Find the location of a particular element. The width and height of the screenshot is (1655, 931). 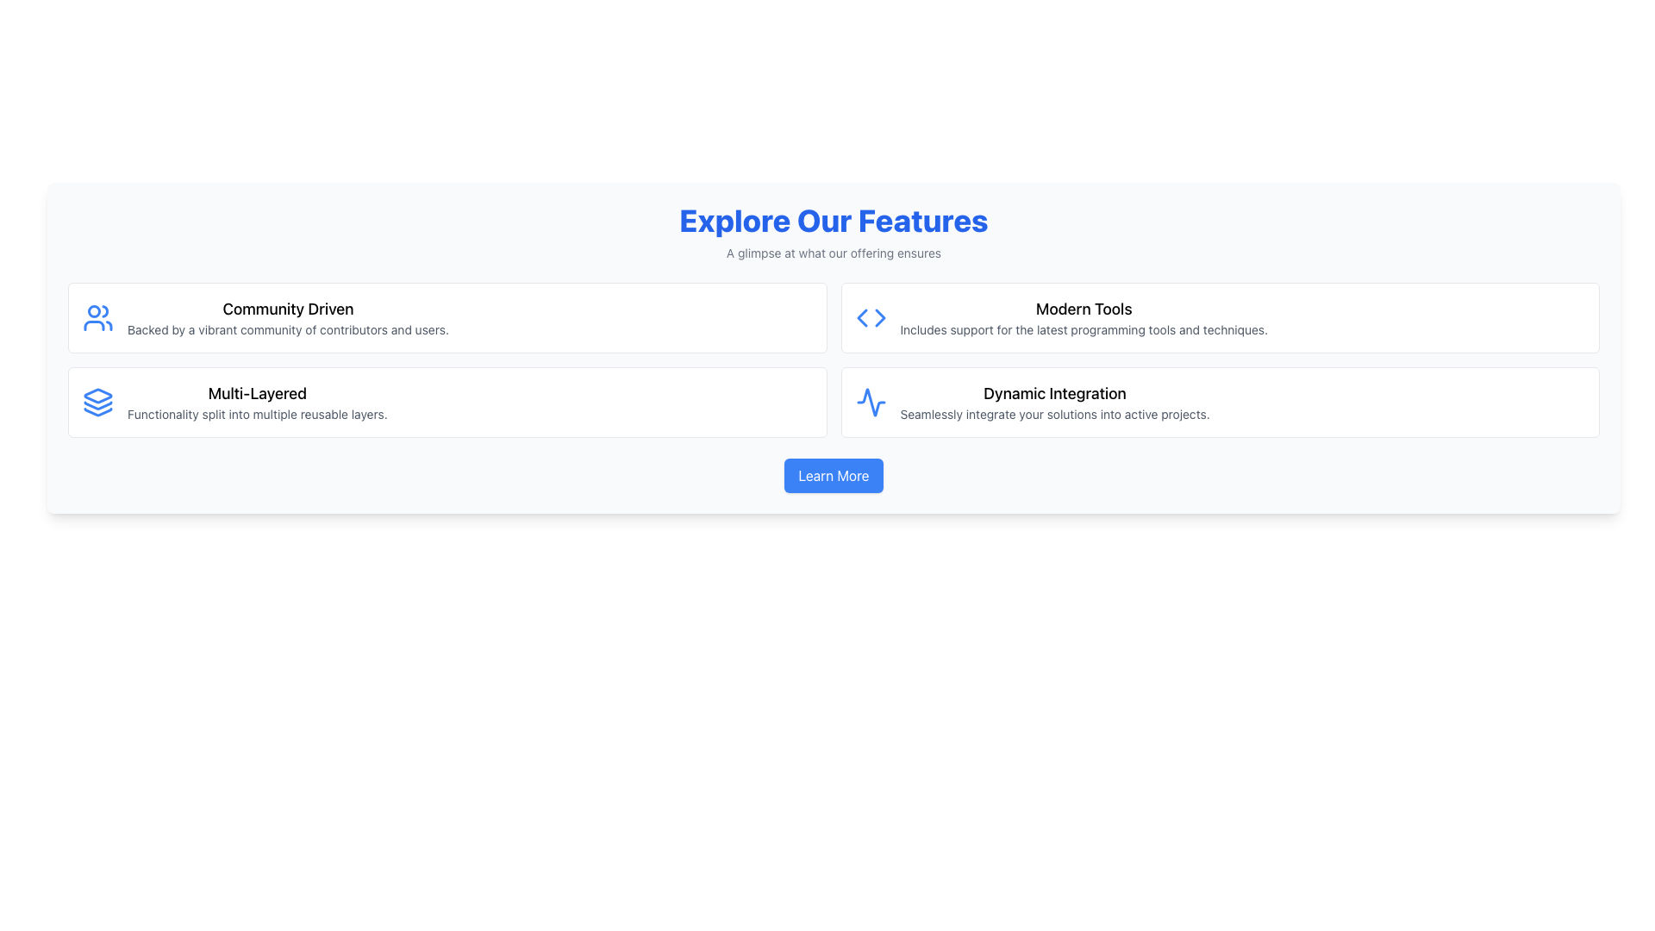

the blue icon representing a stack of layered items, located to the left of the 'Multi-Layered' text heading in the bottom-left area of the grid interface is located at coordinates (97, 402).